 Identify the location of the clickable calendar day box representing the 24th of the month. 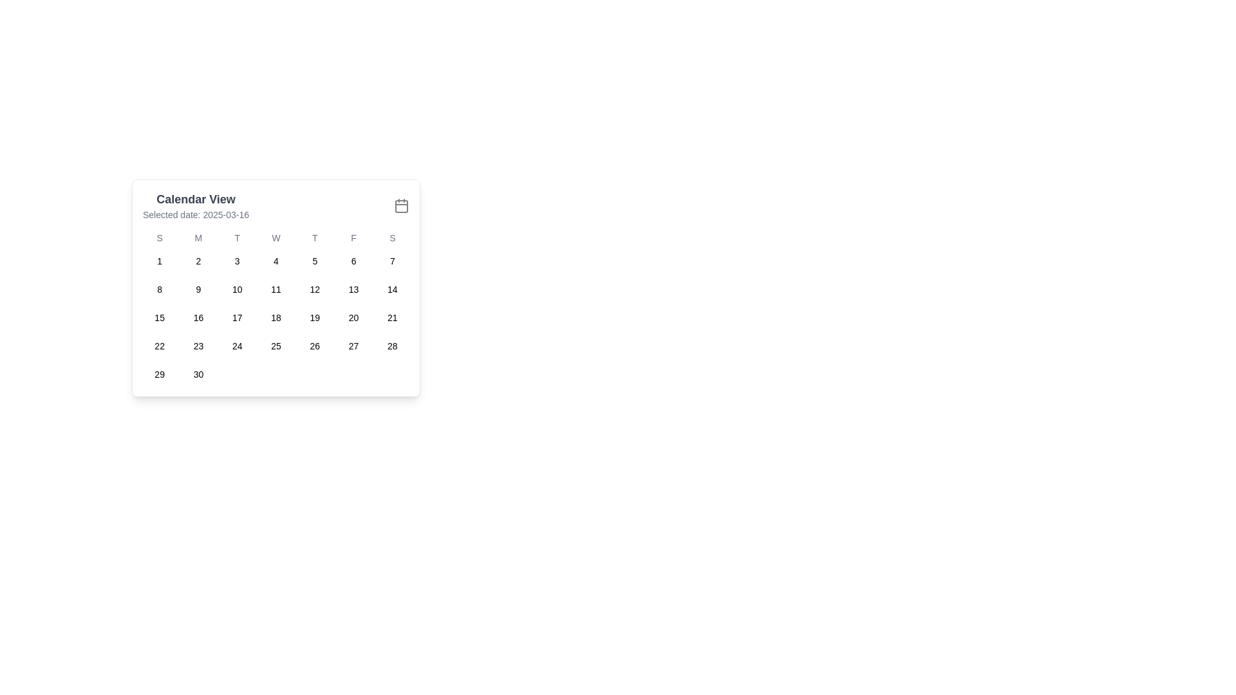
(237, 345).